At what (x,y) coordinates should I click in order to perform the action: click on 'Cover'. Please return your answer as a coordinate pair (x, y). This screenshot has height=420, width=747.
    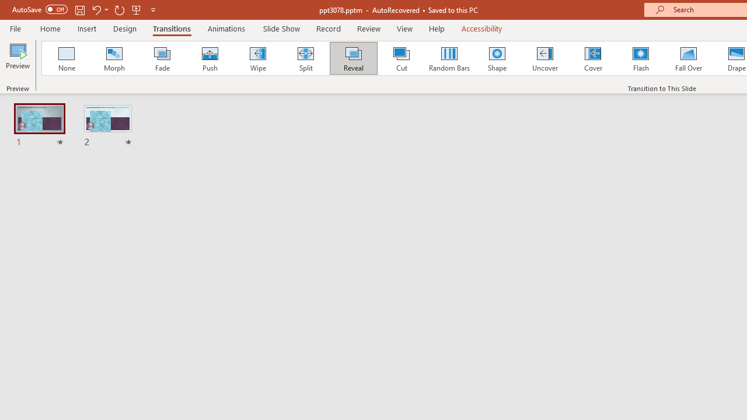
    Looking at the image, I should click on (593, 58).